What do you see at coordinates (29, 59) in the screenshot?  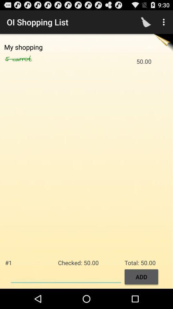 I see `carrot  icon` at bounding box center [29, 59].